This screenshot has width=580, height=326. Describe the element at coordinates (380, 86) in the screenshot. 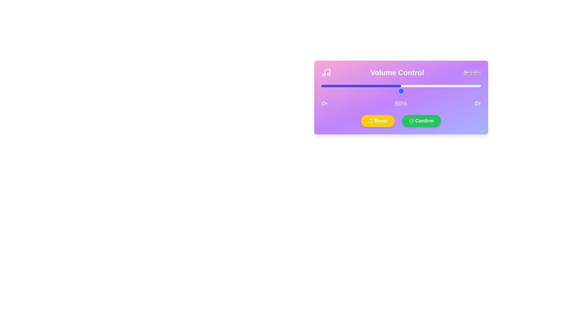

I see `the slider value` at that location.